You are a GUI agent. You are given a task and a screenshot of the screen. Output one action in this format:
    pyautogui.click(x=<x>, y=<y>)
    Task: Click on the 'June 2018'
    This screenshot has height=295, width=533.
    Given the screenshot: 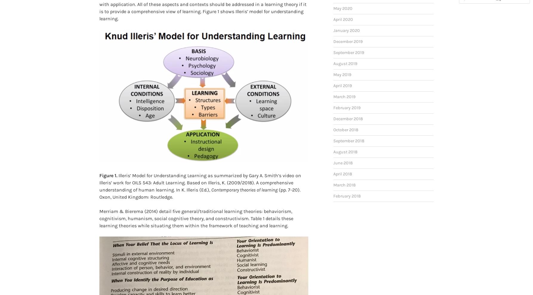 What is the action you would take?
    pyautogui.click(x=343, y=153)
    